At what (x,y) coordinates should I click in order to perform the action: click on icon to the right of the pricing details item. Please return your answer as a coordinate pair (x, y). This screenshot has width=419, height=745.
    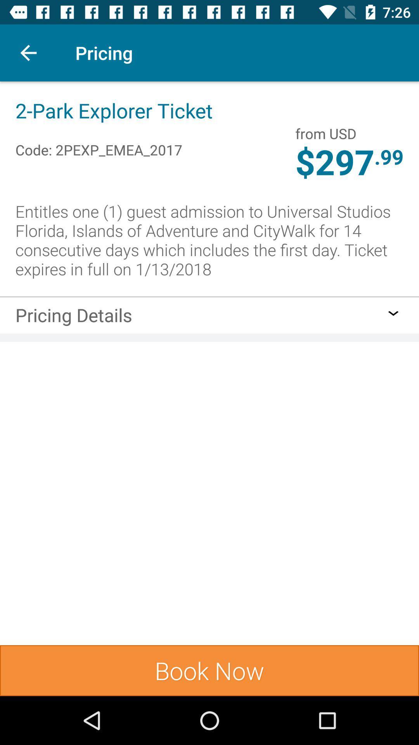
    Looking at the image, I should click on (393, 313).